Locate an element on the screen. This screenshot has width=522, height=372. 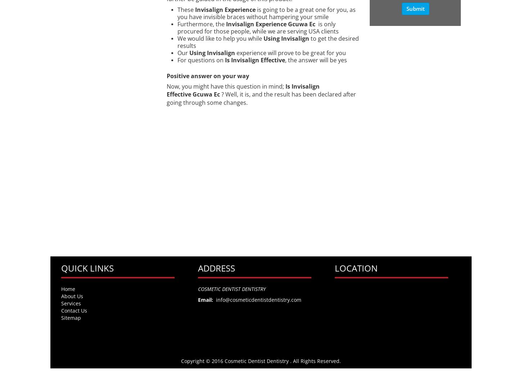
'Home' is located at coordinates (60, 288).